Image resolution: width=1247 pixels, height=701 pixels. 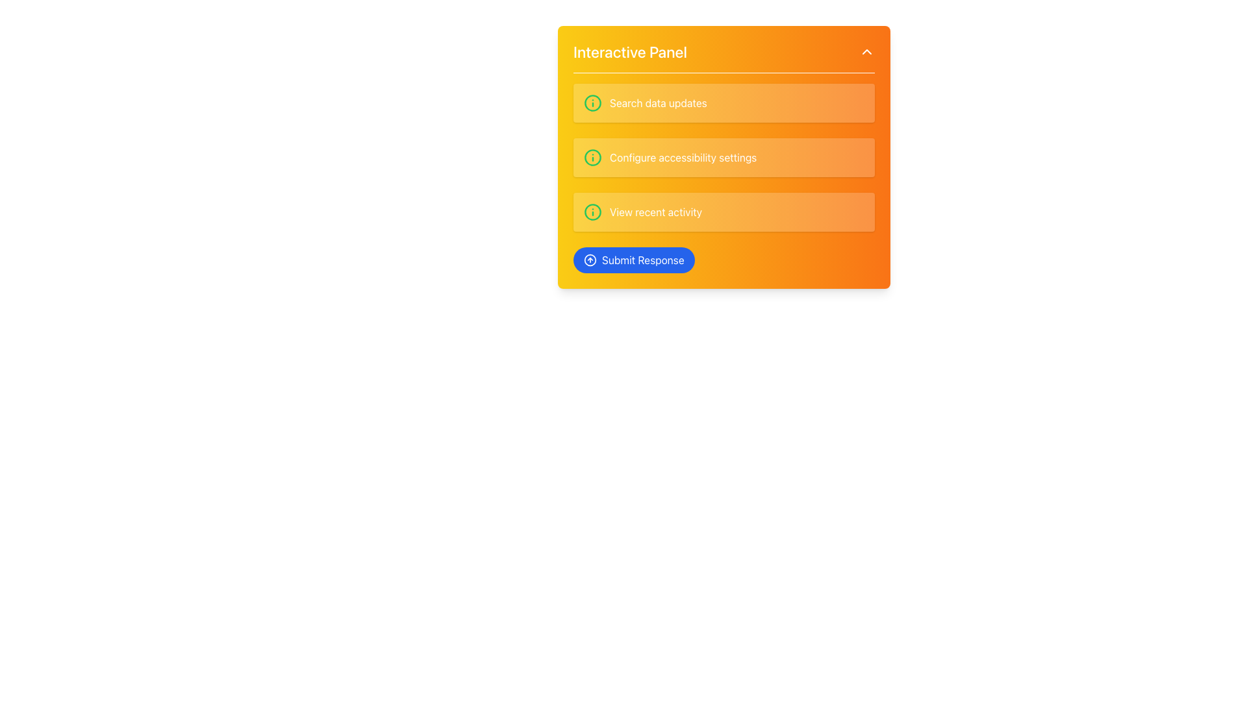 I want to click on the green information icon located to the left of the text label 'View recent activity' within the third item of the panel, so click(x=592, y=212).